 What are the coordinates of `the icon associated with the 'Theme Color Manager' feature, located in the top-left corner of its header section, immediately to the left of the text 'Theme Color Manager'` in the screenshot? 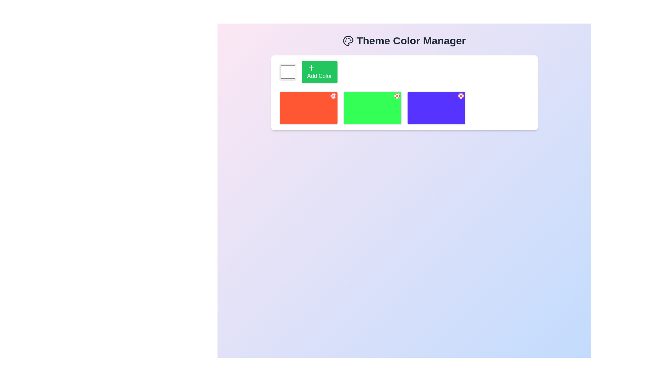 It's located at (348, 41).